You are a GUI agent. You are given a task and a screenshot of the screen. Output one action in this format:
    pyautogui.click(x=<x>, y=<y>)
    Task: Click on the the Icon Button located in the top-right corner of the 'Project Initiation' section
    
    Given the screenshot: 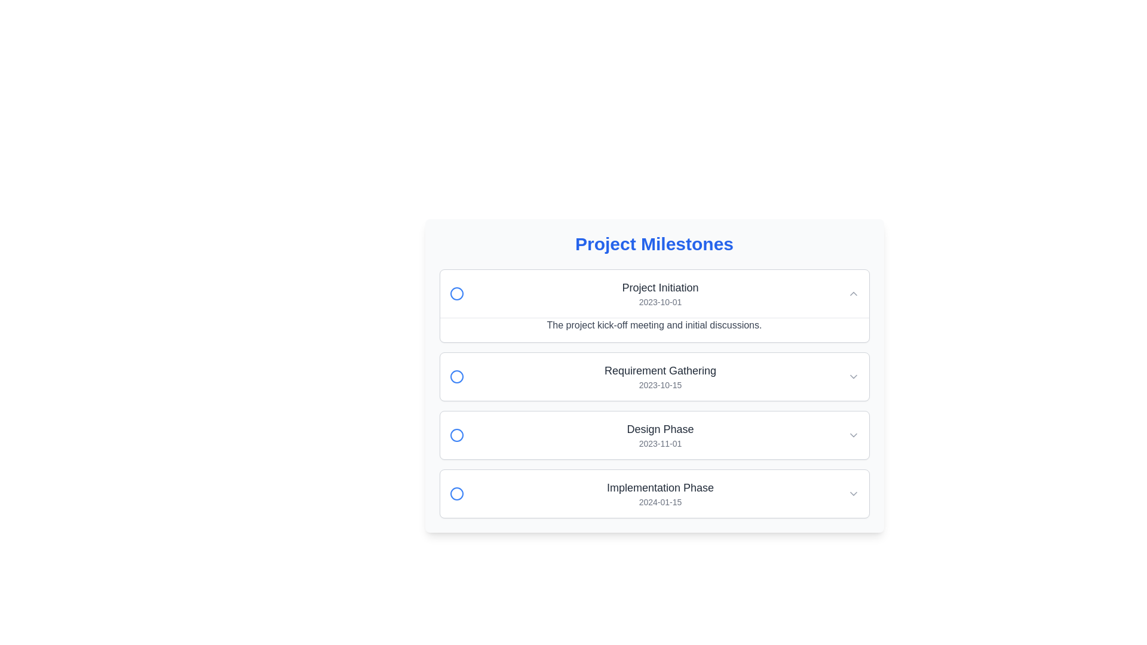 What is the action you would take?
    pyautogui.click(x=852, y=294)
    